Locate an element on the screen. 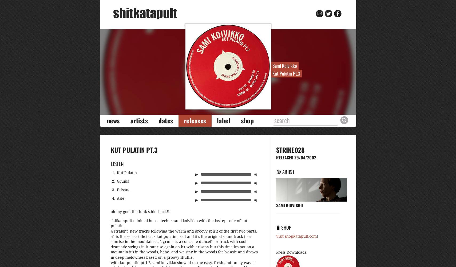  '4.' is located at coordinates (114, 198).